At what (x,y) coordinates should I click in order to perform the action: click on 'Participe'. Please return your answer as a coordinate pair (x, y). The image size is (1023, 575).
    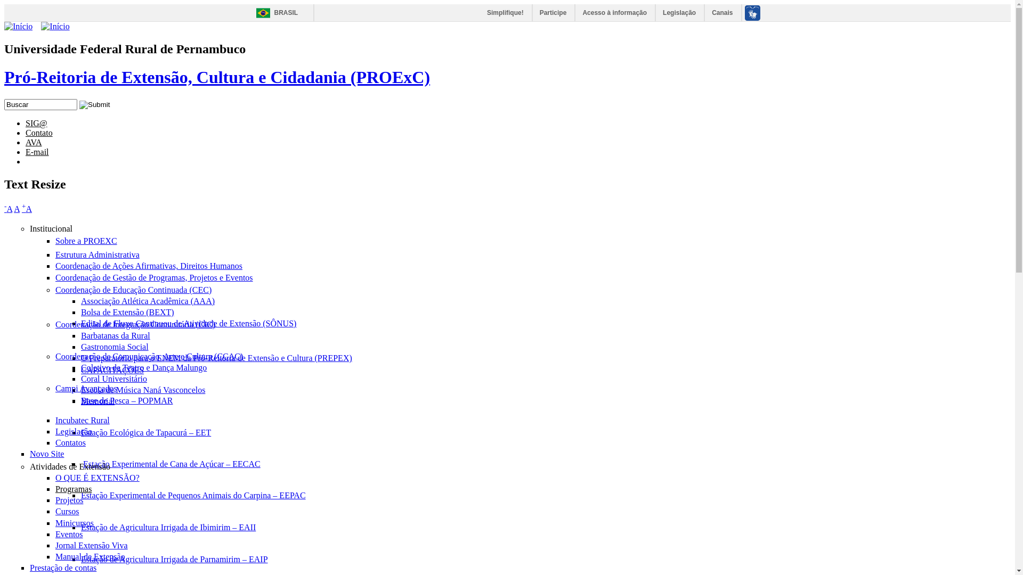
    Looking at the image, I should click on (554, 12).